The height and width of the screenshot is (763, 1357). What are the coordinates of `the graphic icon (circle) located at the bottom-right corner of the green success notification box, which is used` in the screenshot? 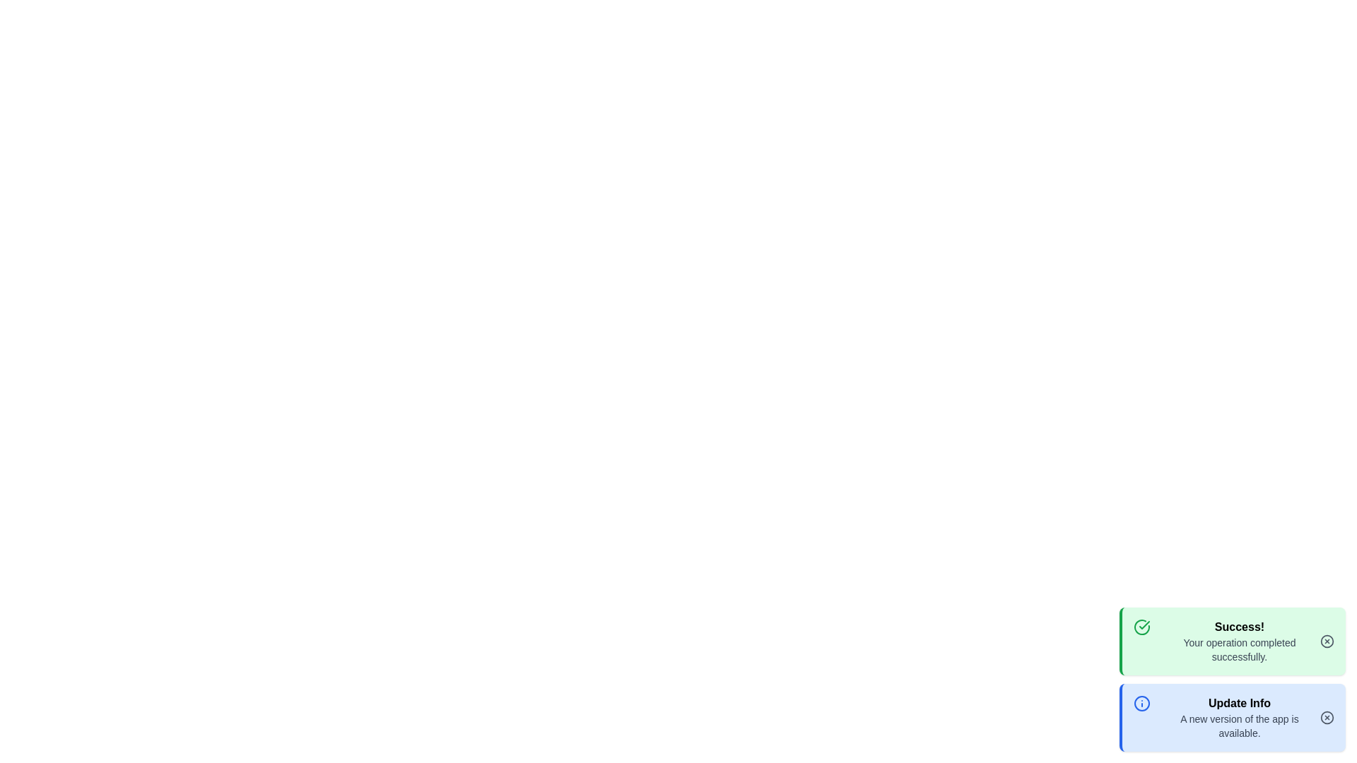 It's located at (1326, 641).